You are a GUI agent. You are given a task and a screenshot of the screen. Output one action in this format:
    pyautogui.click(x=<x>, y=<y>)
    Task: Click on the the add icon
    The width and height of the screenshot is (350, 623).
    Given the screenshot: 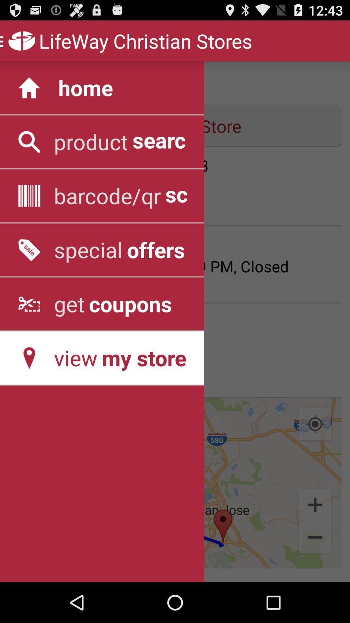 What is the action you would take?
    pyautogui.click(x=315, y=540)
    